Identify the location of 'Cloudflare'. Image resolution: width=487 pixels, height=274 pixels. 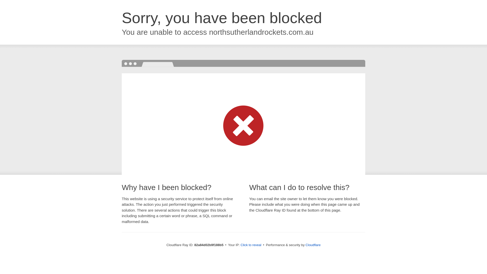
(313, 245).